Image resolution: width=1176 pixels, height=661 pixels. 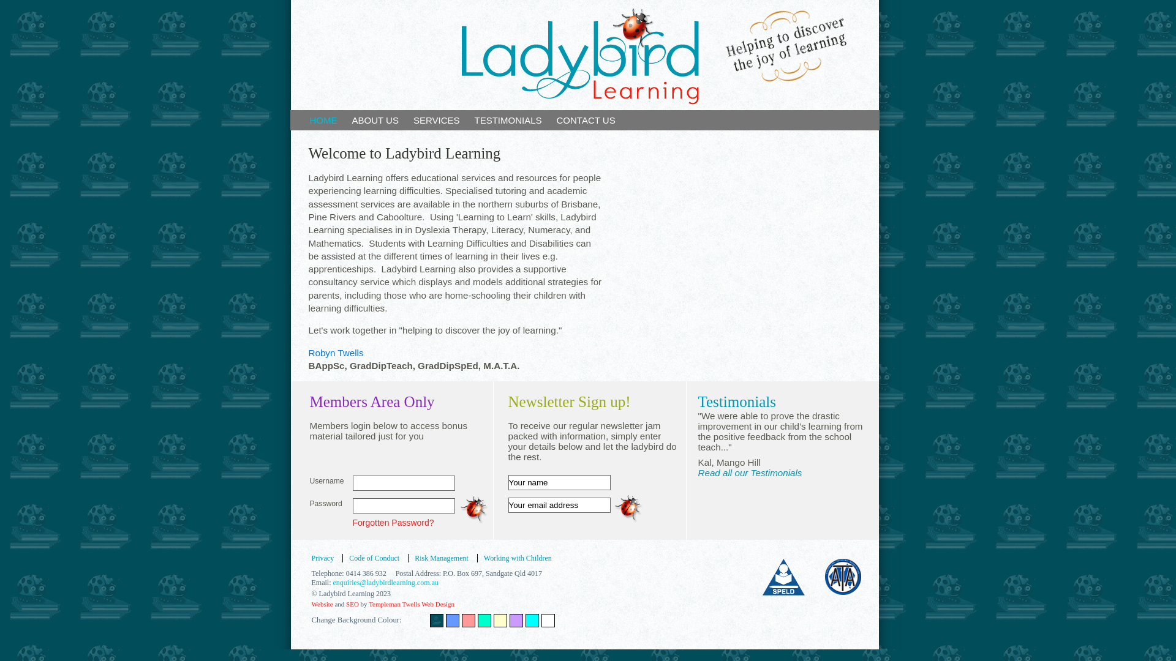 I want to click on 'Forgotten Password?', so click(x=393, y=522).